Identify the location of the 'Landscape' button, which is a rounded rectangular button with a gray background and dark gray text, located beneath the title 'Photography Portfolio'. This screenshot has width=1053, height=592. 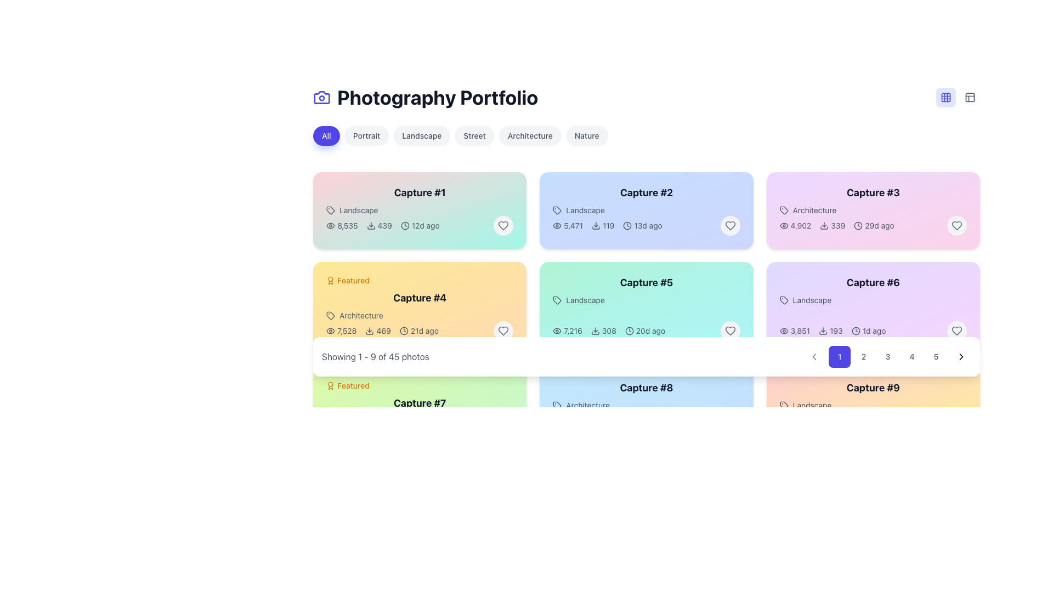
(421, 135).